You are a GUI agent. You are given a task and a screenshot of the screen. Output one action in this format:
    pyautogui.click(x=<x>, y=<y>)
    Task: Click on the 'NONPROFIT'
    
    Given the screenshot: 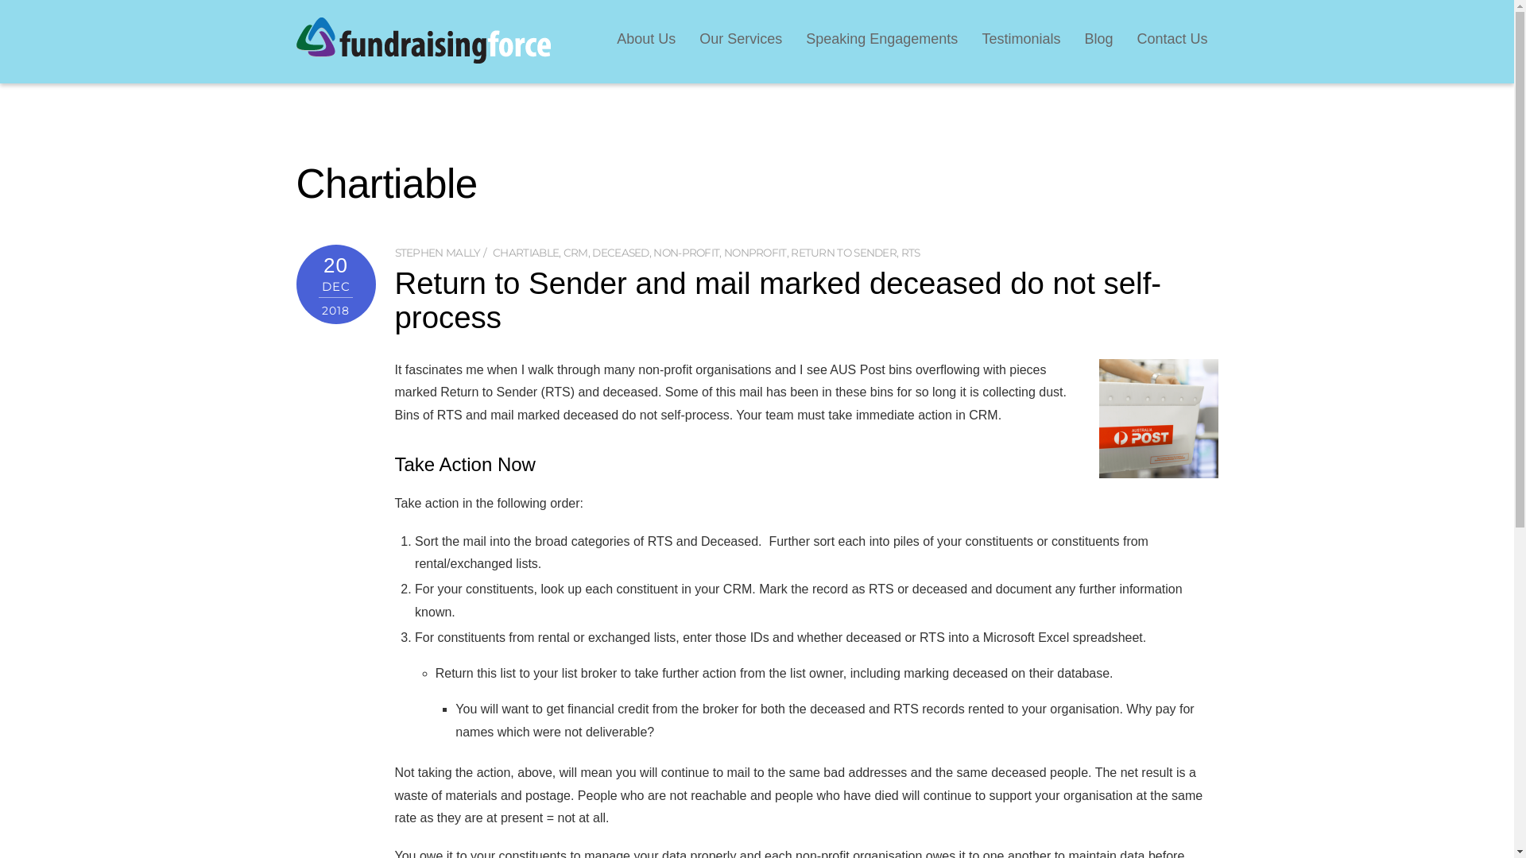 What is the action you would take?
    pyautogui.click(x=754, y=251)
    